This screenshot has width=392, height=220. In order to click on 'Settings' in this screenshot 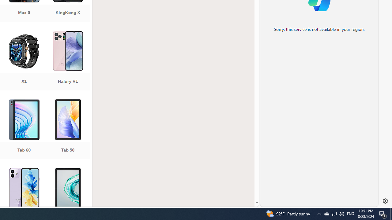, I will do `click(385, 201)`.